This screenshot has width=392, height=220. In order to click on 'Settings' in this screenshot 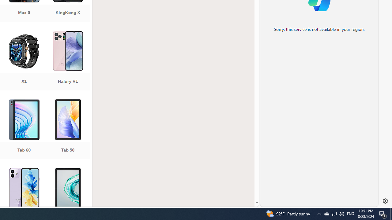, I will do `click(385, 201)`.